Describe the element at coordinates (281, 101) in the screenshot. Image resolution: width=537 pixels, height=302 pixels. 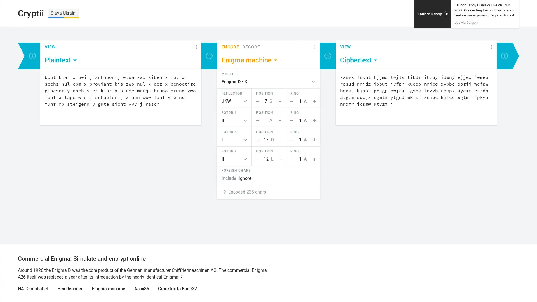
I see `Step Up` at that location.